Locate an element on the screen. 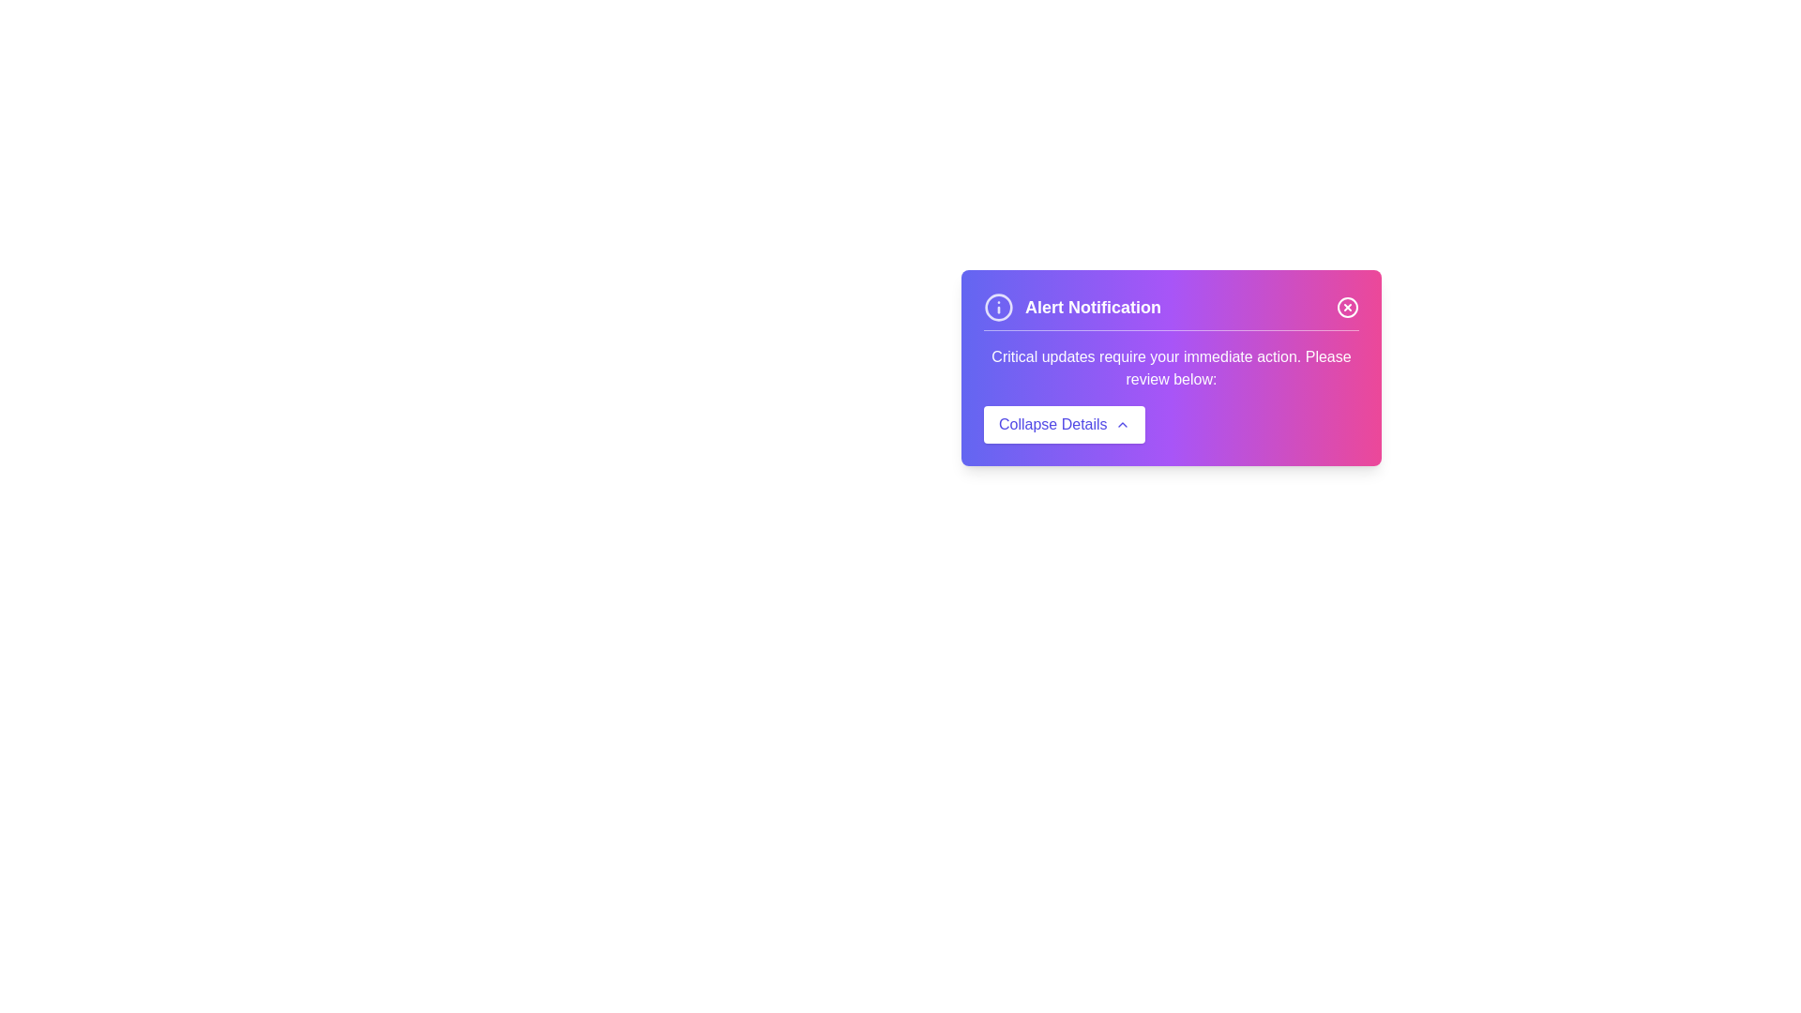 The width and height of the screenshot is (1801, 1013). the informational icon next to the 'Alert Notification' title is located at coordinates (998, 306).